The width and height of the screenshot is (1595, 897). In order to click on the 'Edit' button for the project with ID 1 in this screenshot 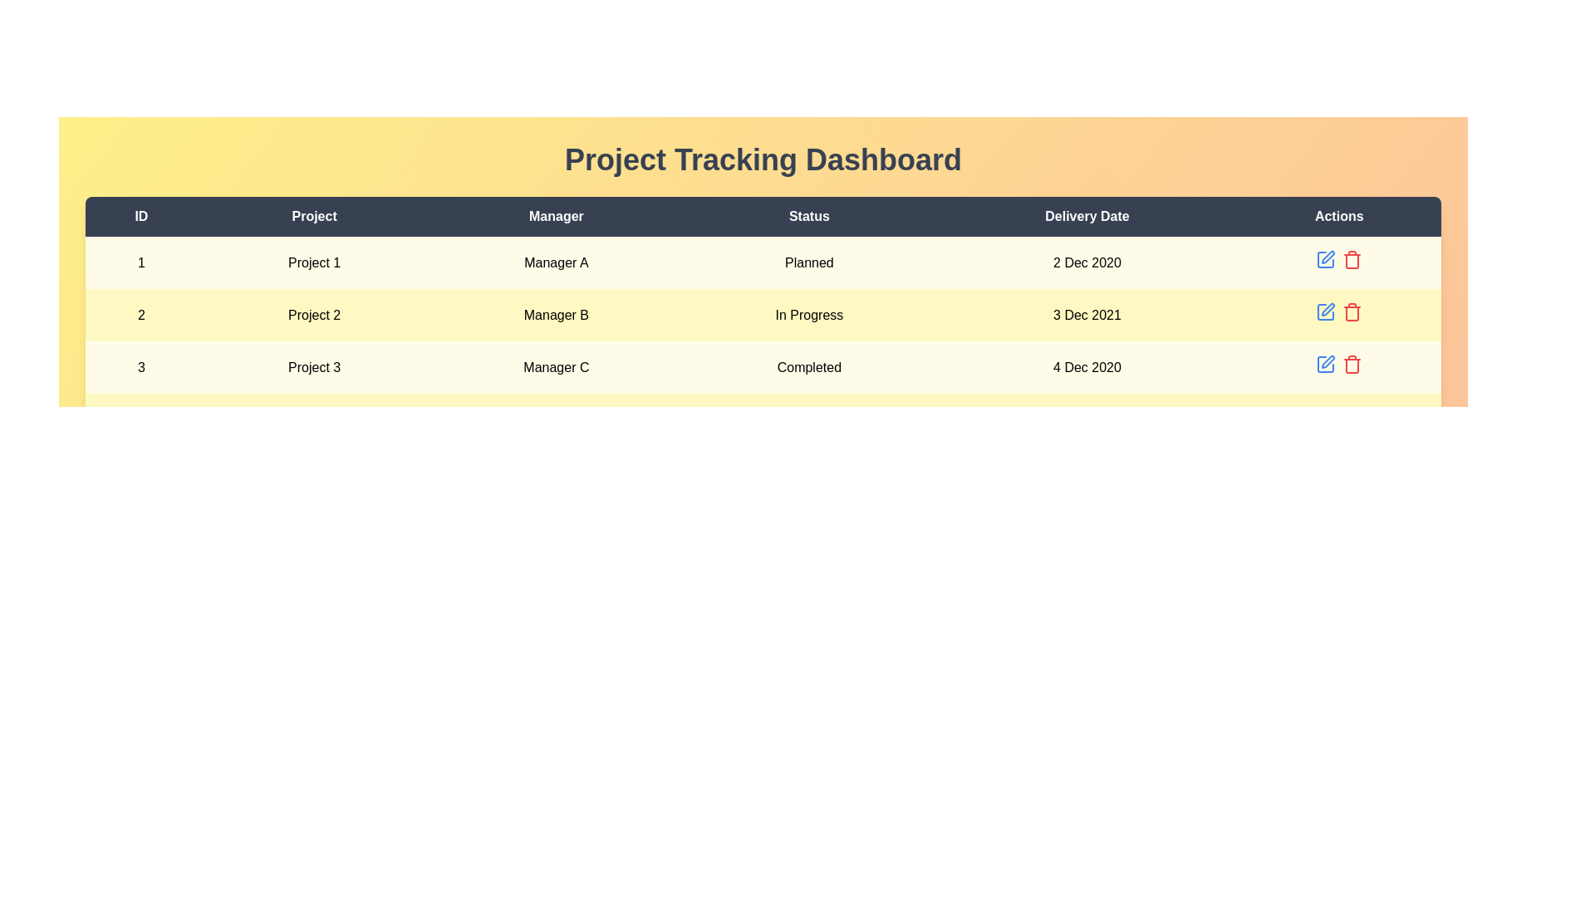, I will do `click(1325, 259)`.